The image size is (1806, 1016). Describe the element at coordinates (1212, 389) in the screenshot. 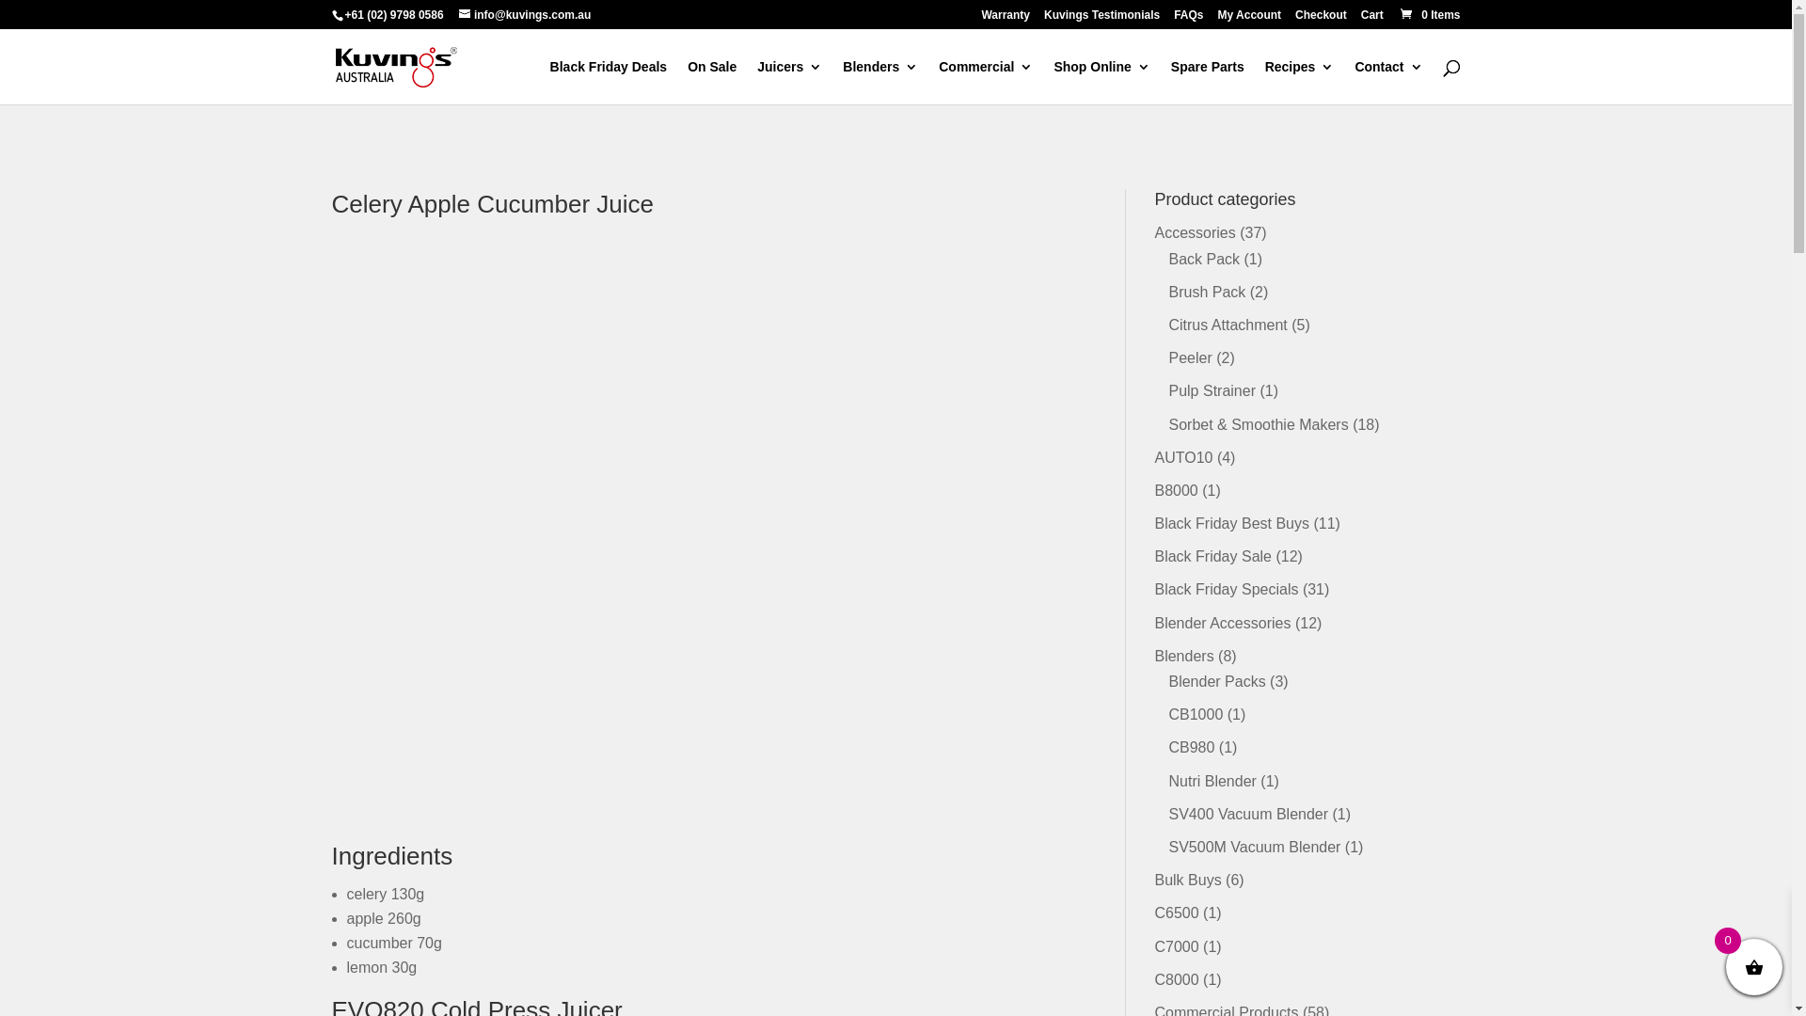

I see `'Pulp Strainer'` at that location.